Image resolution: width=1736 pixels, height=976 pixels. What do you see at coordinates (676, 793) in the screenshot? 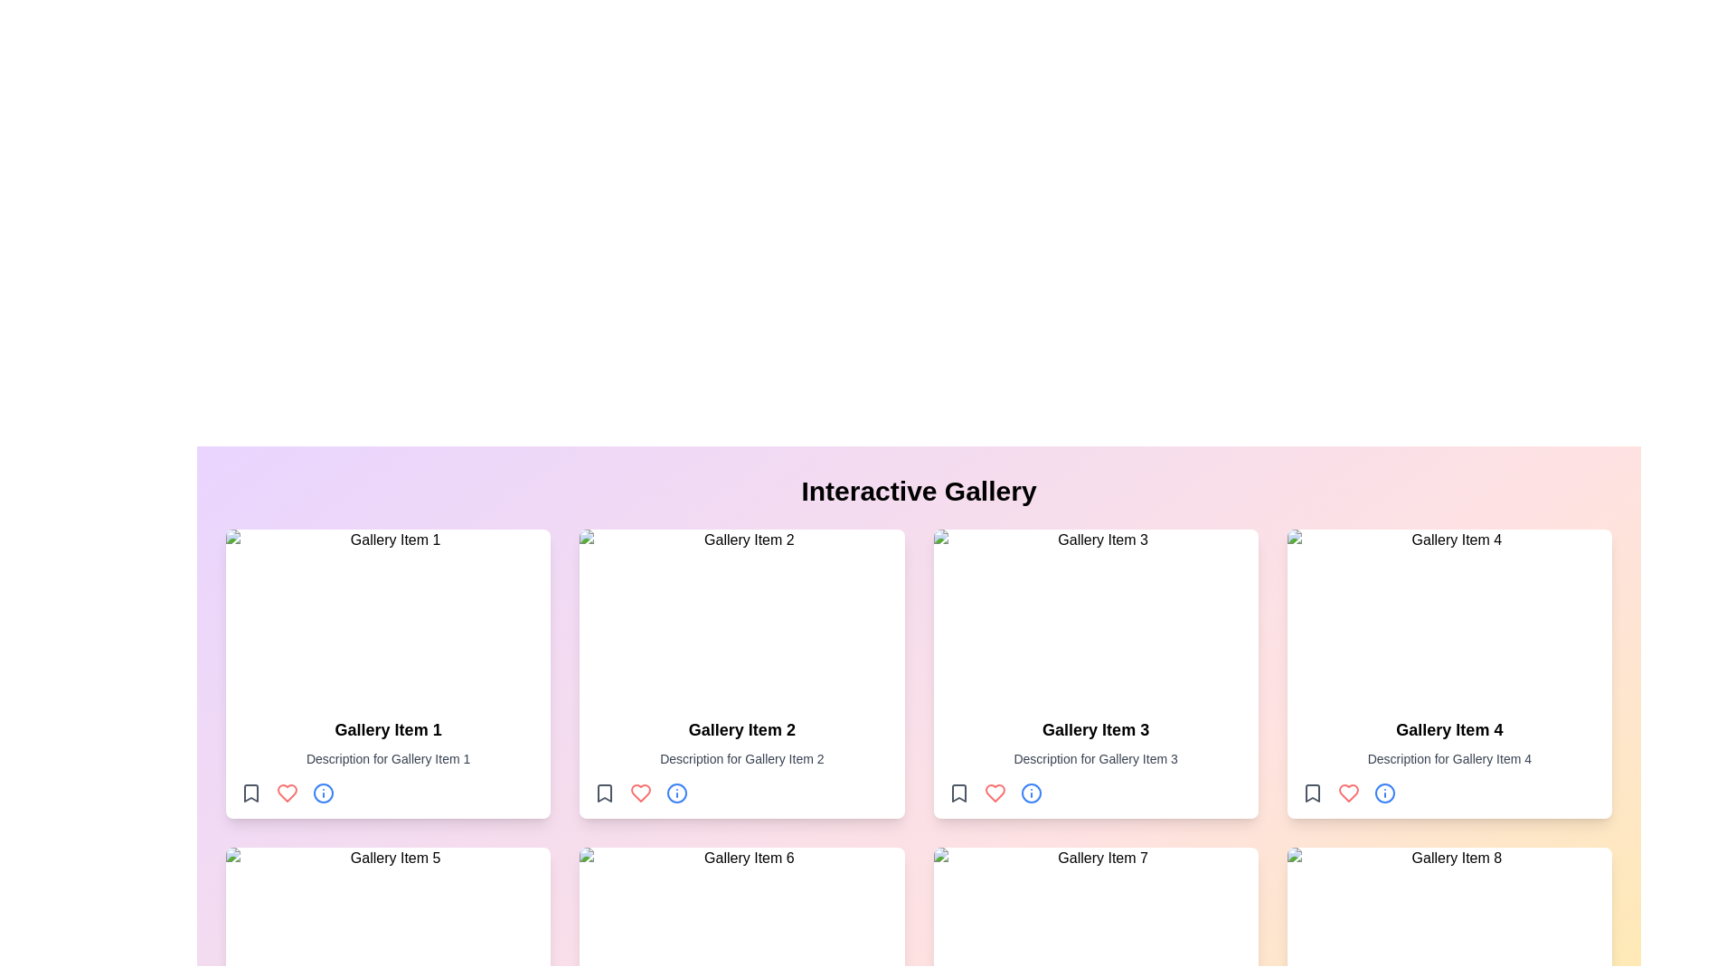
I see `the circular blue outlined information icon located at the bottom right of the second gallery item` at bounding box center [676, 793].